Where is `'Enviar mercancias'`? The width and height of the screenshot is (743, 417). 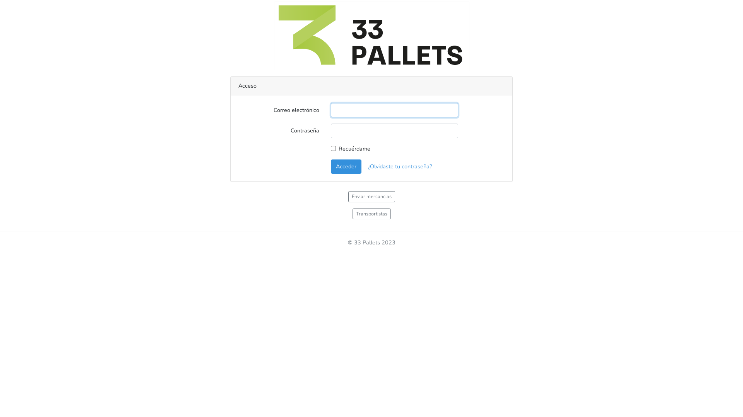 'Enviar mercancias' is located at coordinates (371, 196).